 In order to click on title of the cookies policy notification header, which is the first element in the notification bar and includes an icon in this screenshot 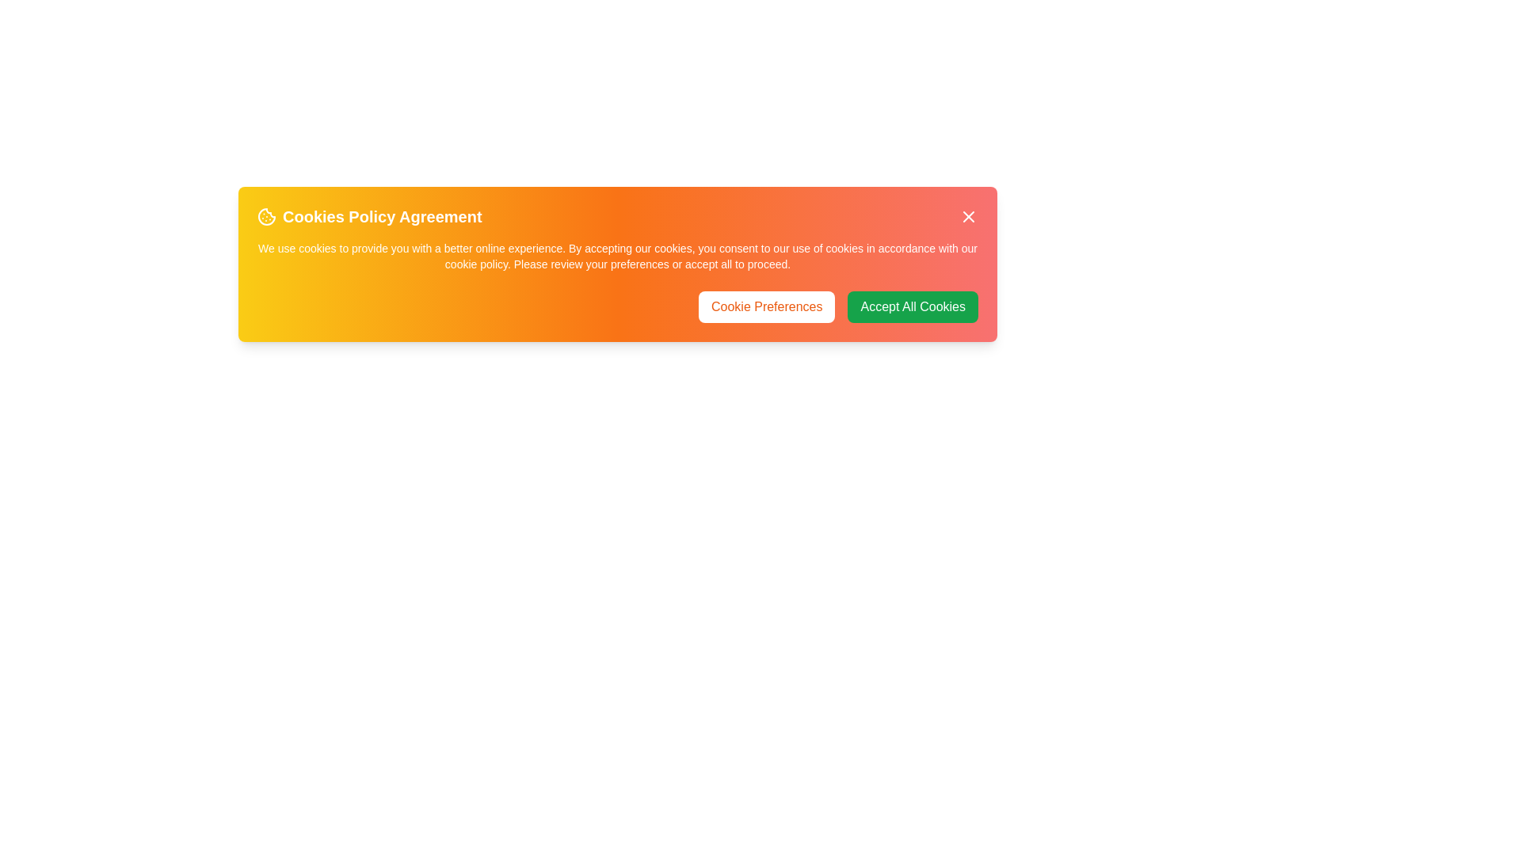, I will do `click(368, 216)`.